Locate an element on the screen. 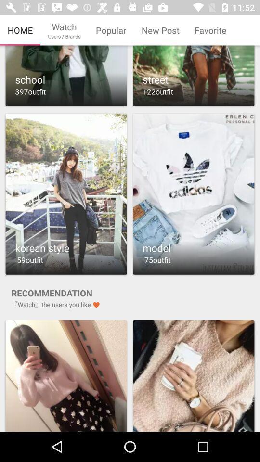 This screenshot has width=260, height=462. article is located at coordinates (194, 76).